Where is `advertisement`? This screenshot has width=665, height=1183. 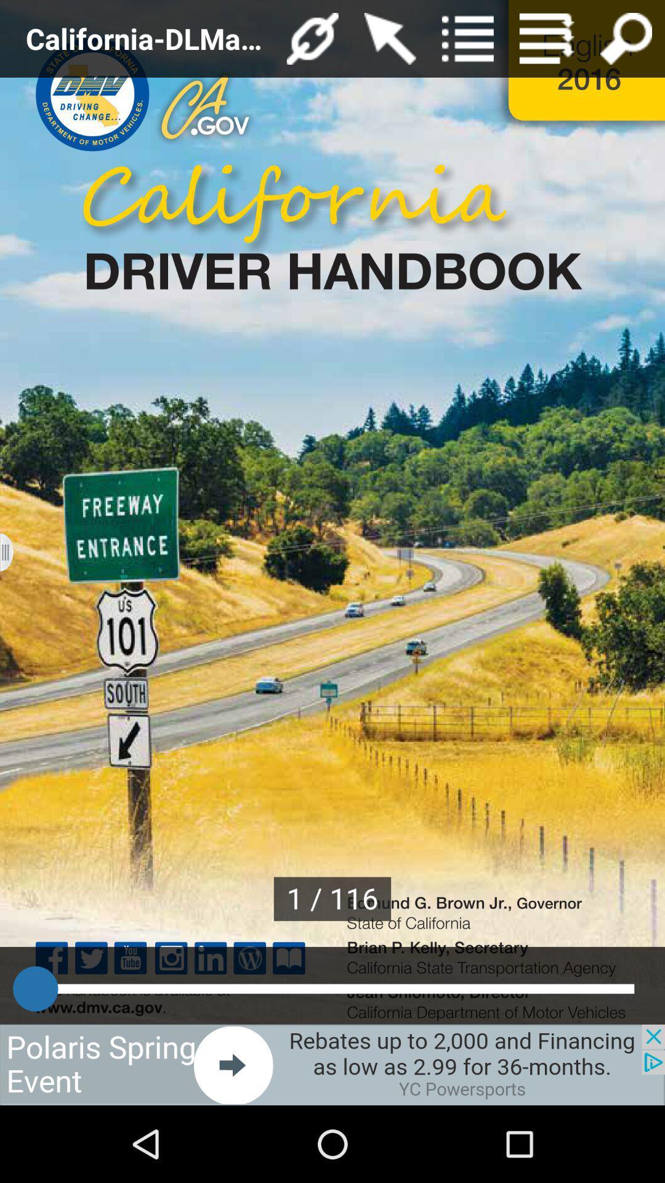
advertisement is located at coordinates (332, 1064).